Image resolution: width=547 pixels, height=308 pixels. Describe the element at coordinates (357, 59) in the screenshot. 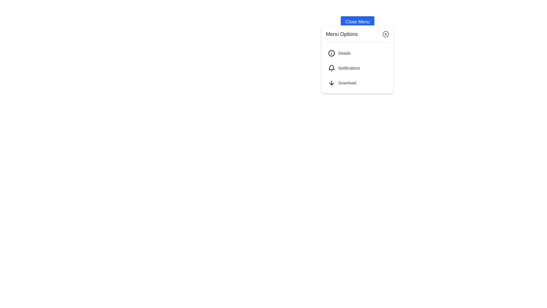

I see `an option in the 'Menu Options' pop-up menu panel` at that location.